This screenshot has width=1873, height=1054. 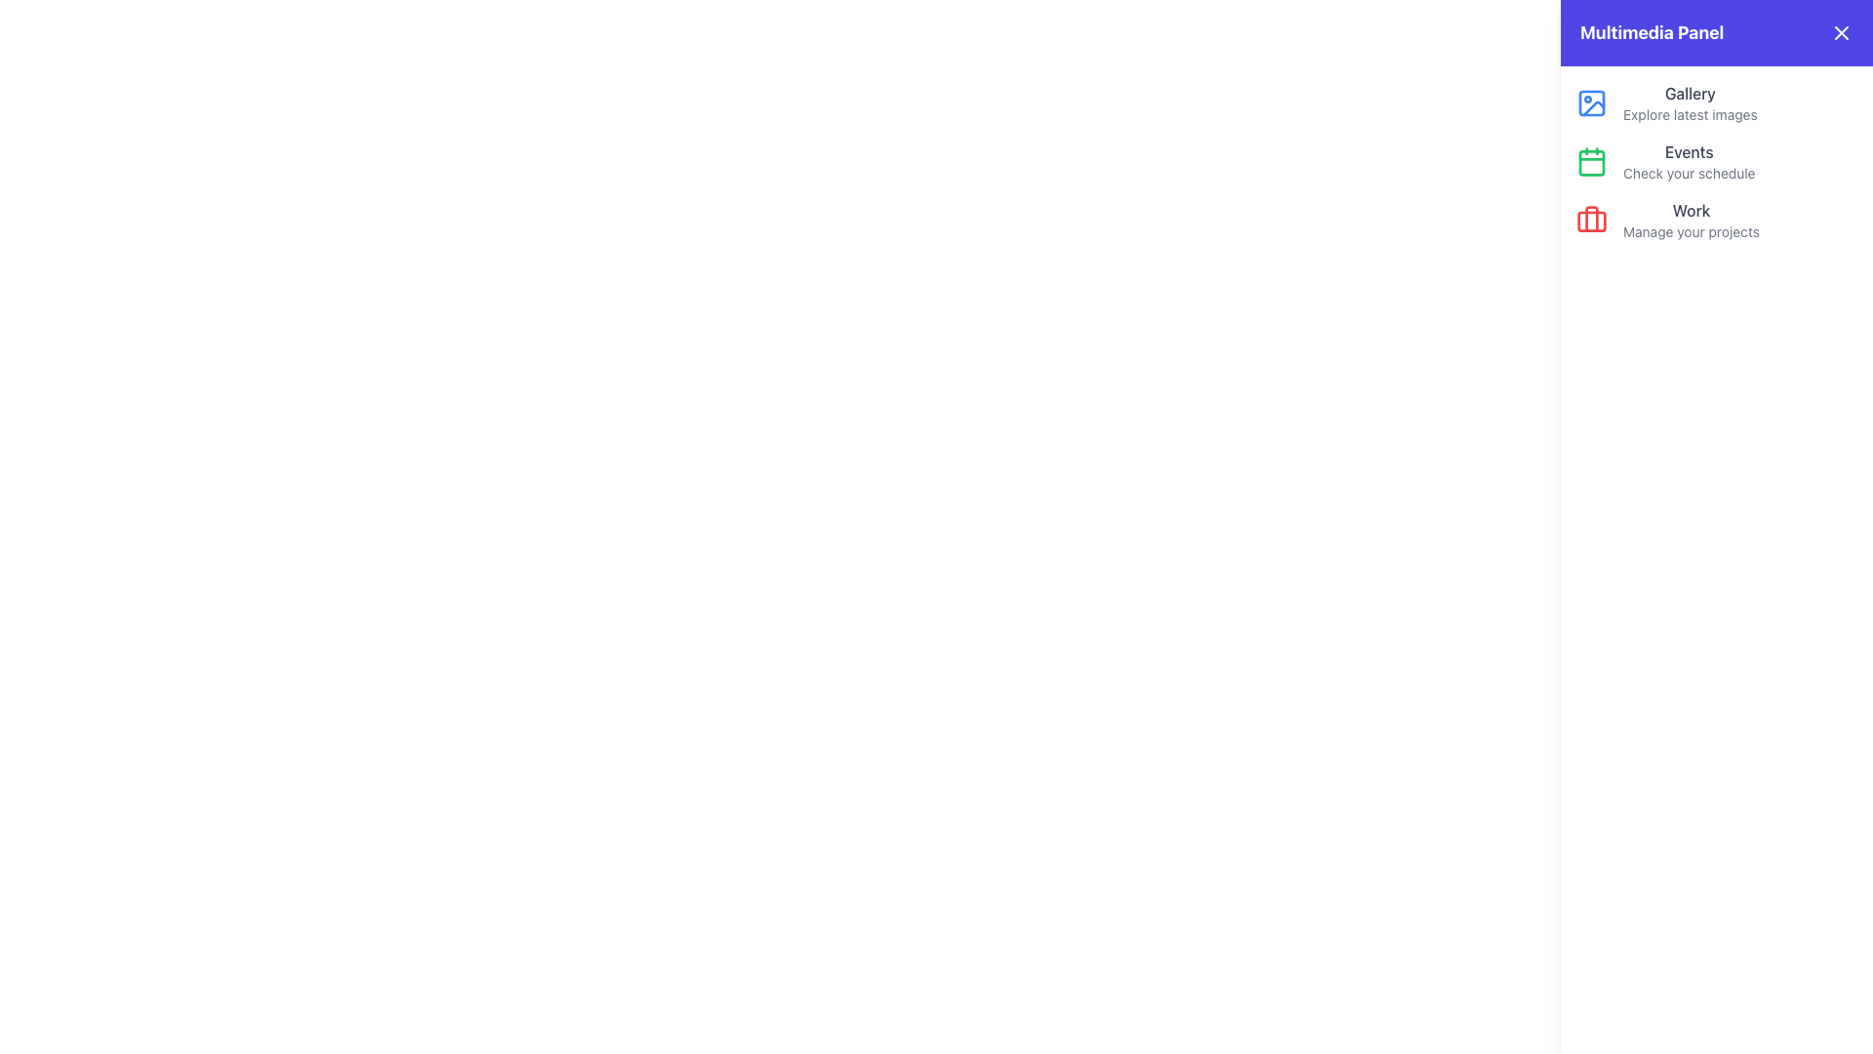 I want to click on the 'Work' icon in the Multimedia Panel, which represents the management of projects, so click(x=1592, y=220).